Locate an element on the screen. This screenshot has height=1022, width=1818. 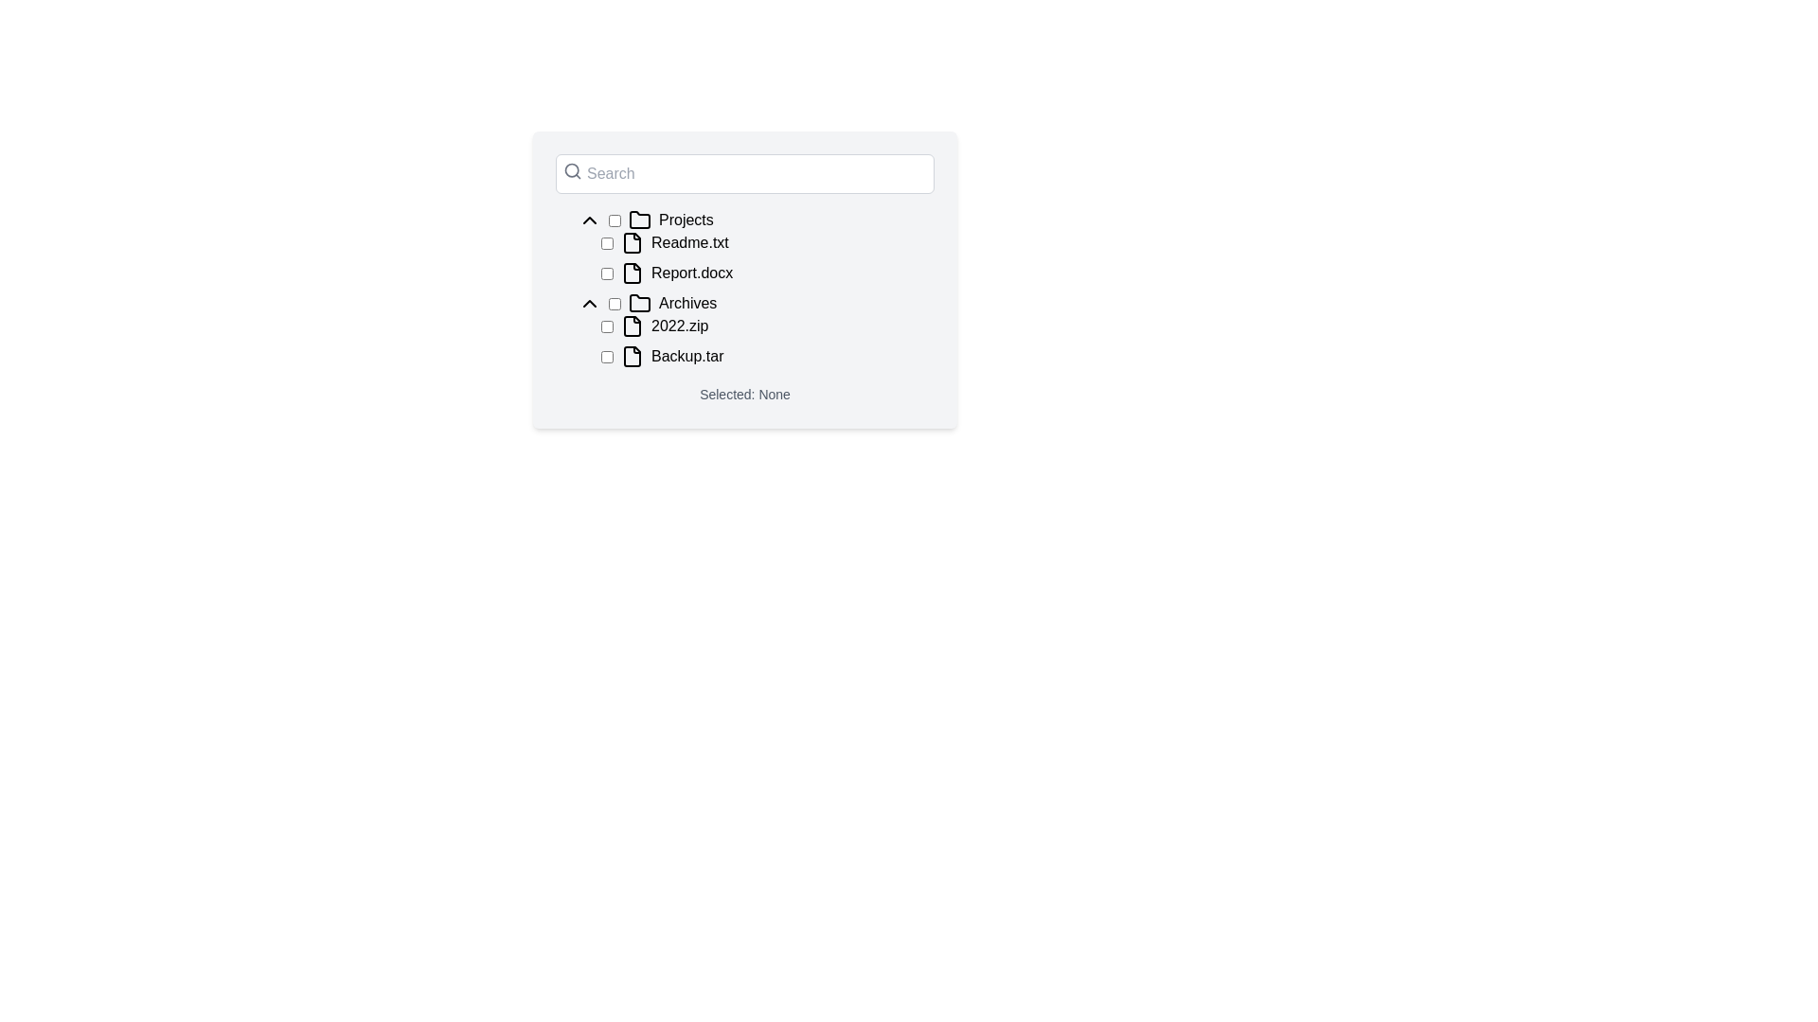
the checkbox to the left of '2022.zip' to deselect it is located at coordinates (607, 325).